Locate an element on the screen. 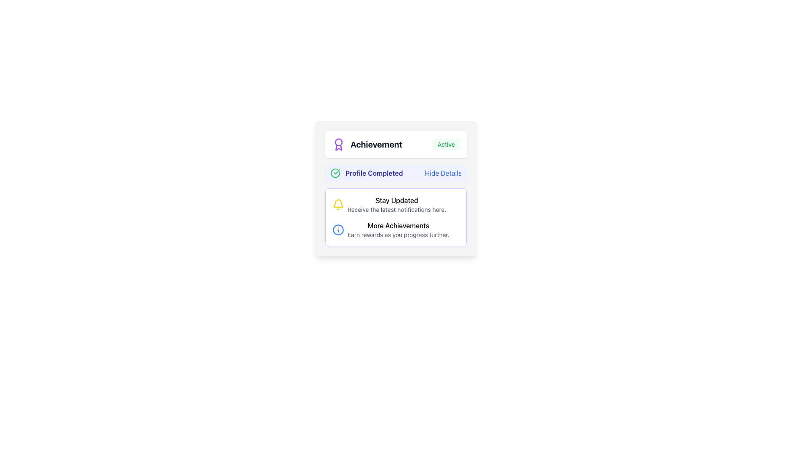  achievements label with icon located at the top-left corner of the white rectangular card, positioned to the left of the 'Active' label is located at coordinates (367, 144).